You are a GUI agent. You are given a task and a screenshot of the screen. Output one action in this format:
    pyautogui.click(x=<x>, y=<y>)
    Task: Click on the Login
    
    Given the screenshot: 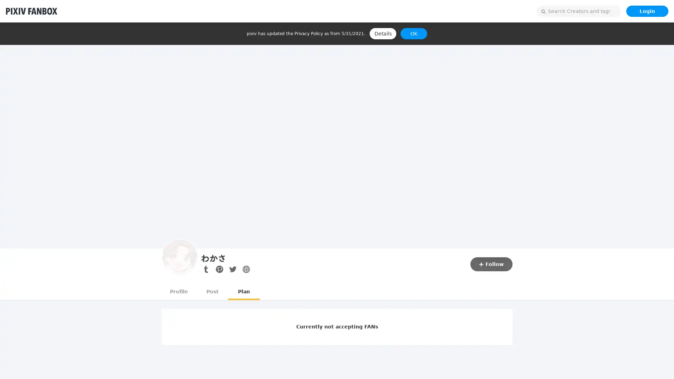 What is the action you would take?
    pyautogui.click(x=647, y=11)
    